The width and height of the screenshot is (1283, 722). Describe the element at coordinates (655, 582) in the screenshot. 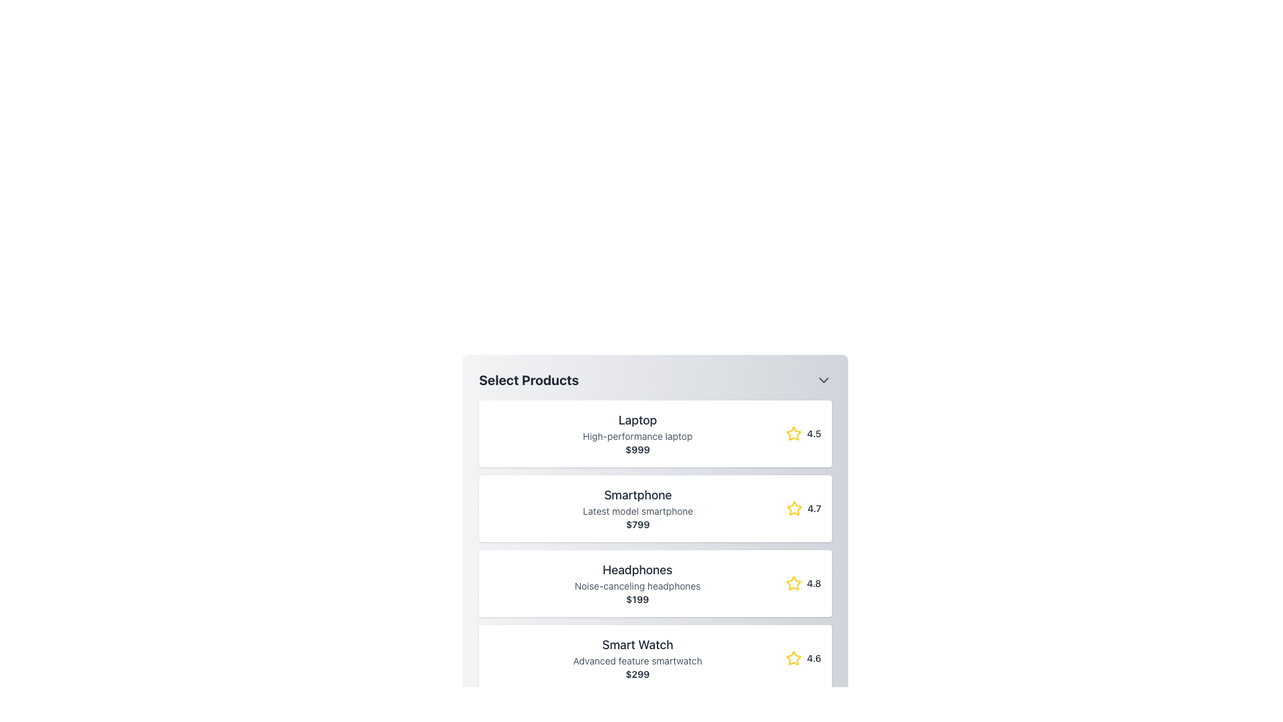

I see `the product card displaying 'Headphones' with a description of 'Noise-canceling headphones', located in the 'Select Products' panel` at that location.